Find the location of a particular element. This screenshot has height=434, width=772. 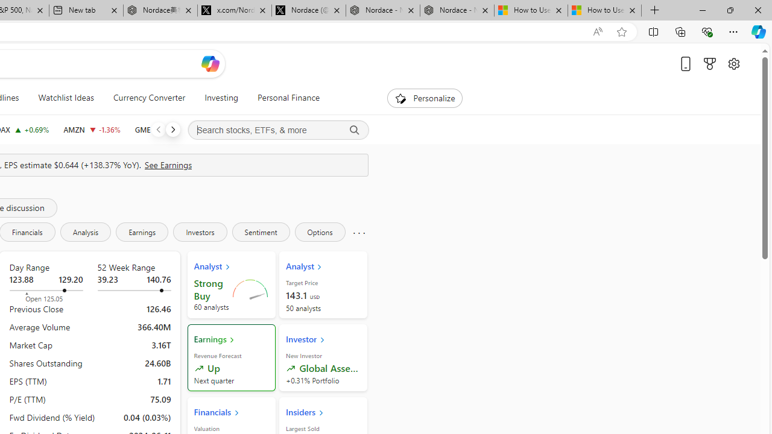

'Investing' is located at coordinates (221, 98).